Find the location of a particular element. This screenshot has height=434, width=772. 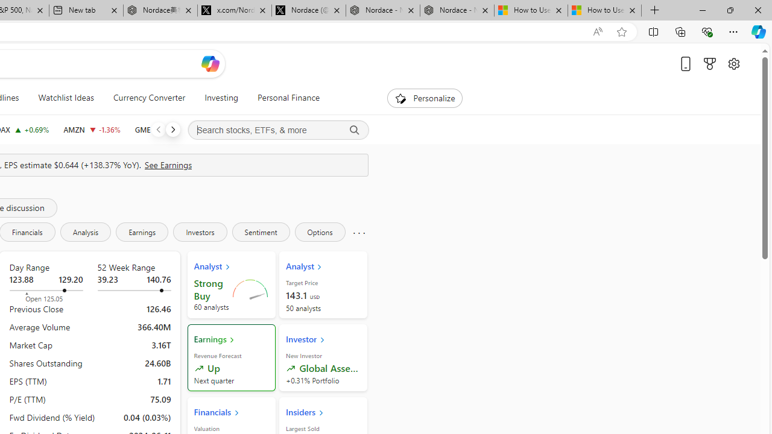

'Investing' is located at coordinates (221, 98).